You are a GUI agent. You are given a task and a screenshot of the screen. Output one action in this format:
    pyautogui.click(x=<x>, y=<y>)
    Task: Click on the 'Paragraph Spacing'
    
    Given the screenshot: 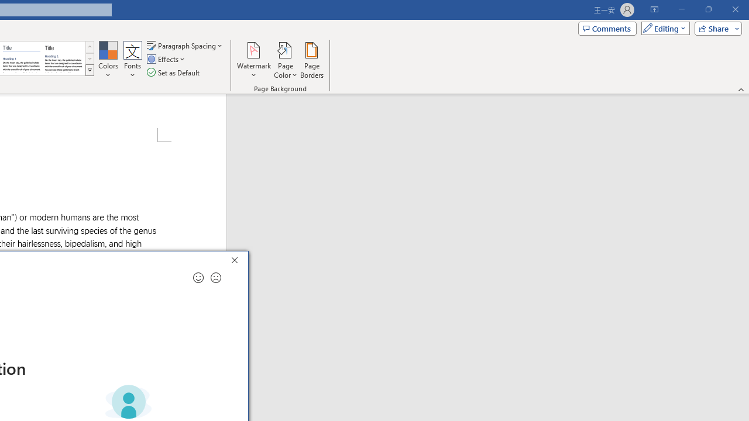 What is the action you would take?
    pyautogui.click(x=185, y=45)
    